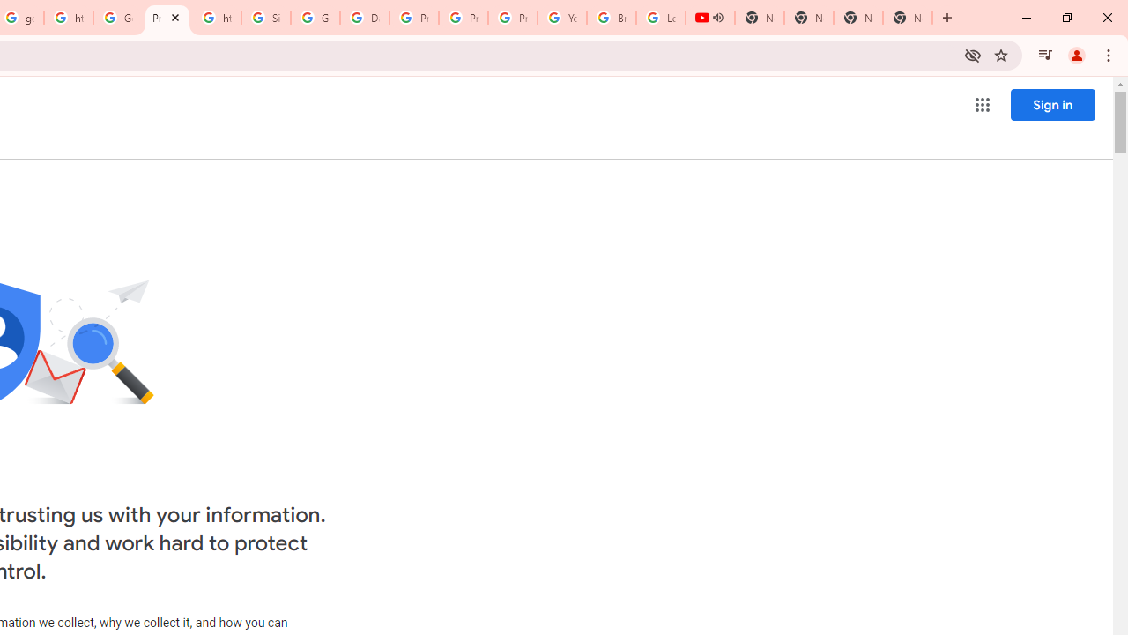  What do you see at coordinates (412, 18) in the screenshot?
I see `'Privacy Help Center - Policies Help'` at bounding box center [412, 18].